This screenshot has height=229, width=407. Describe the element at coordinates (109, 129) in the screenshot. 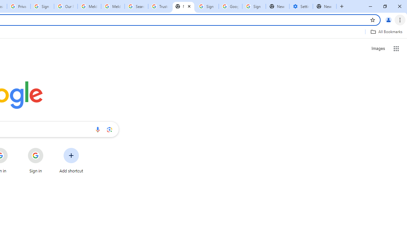

I see `'Search by image'` at that location.